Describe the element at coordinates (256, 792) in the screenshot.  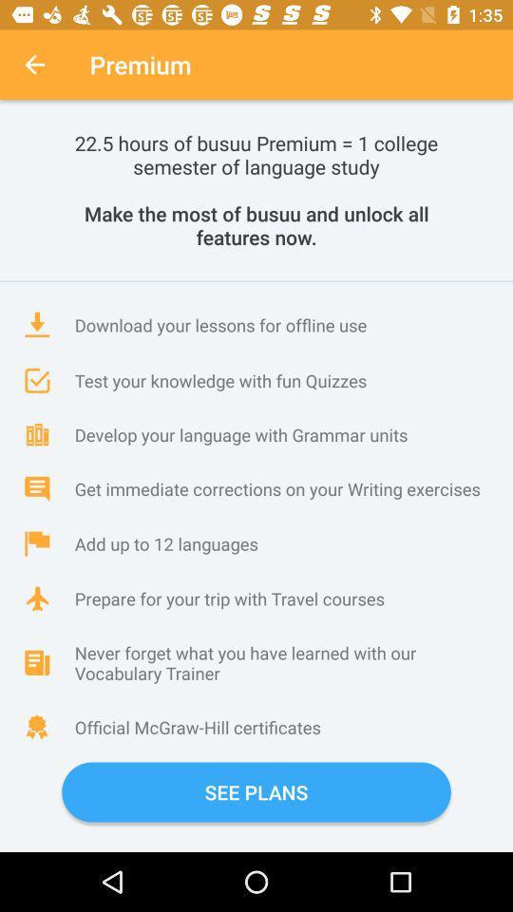
I see `icon below the official mcgraw hill item` at that location.